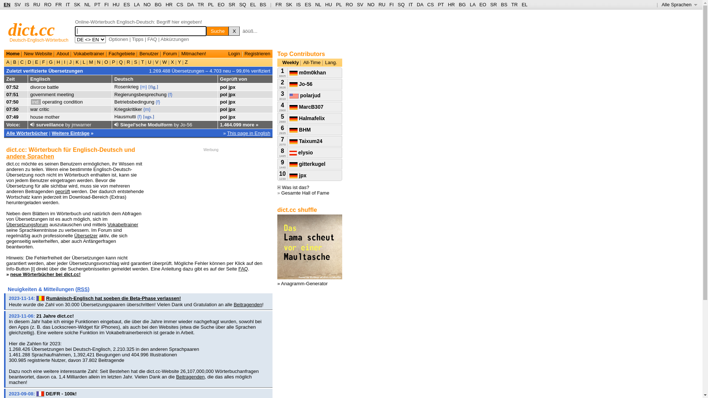  I want to click on 'Beitragenden', so click(190, 377).